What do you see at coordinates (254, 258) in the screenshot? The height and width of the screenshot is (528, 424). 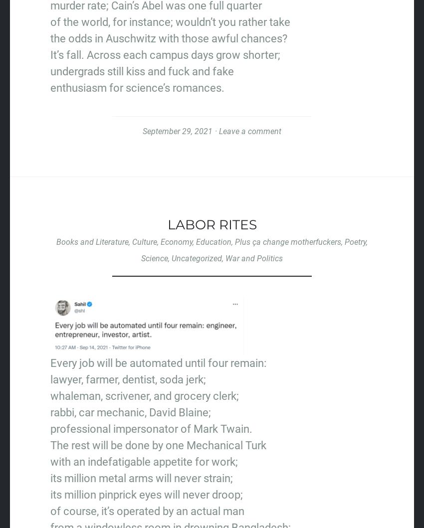 I see `'War and Politics'` at bounding box center [254, 258].